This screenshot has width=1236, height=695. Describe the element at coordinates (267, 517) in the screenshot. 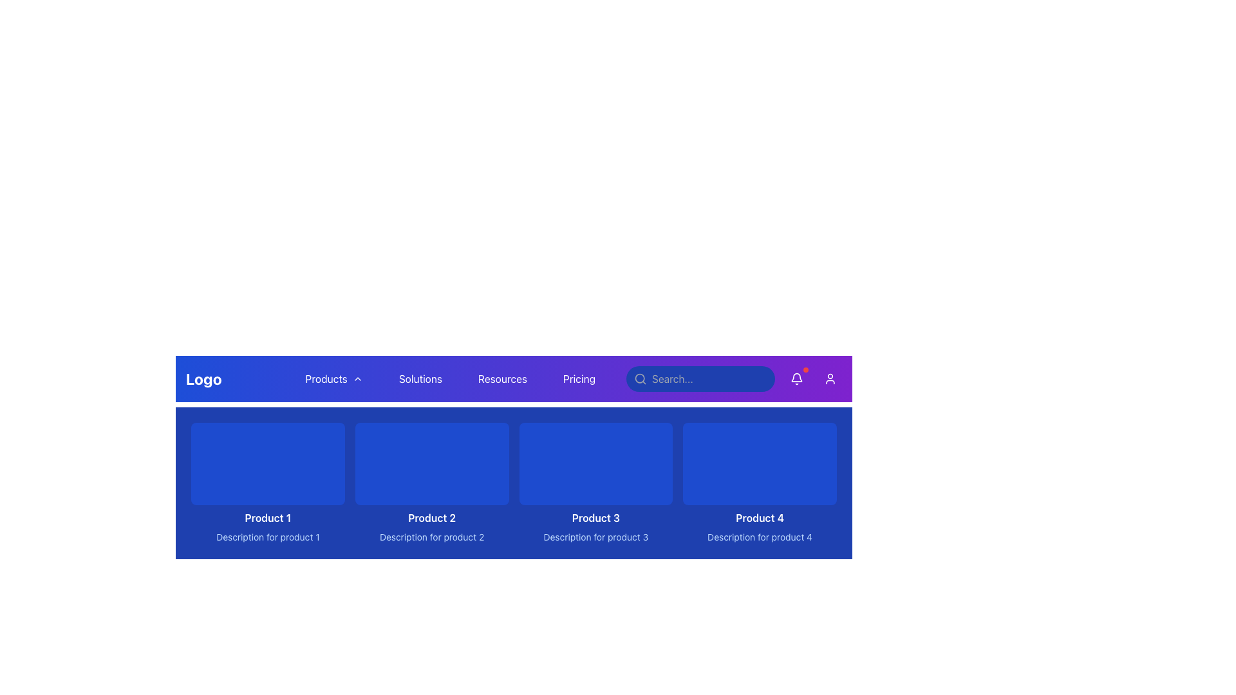

I see `the Text Label that represents the title of the product in the first product card, located at the bottom center, above the description text` at that location.